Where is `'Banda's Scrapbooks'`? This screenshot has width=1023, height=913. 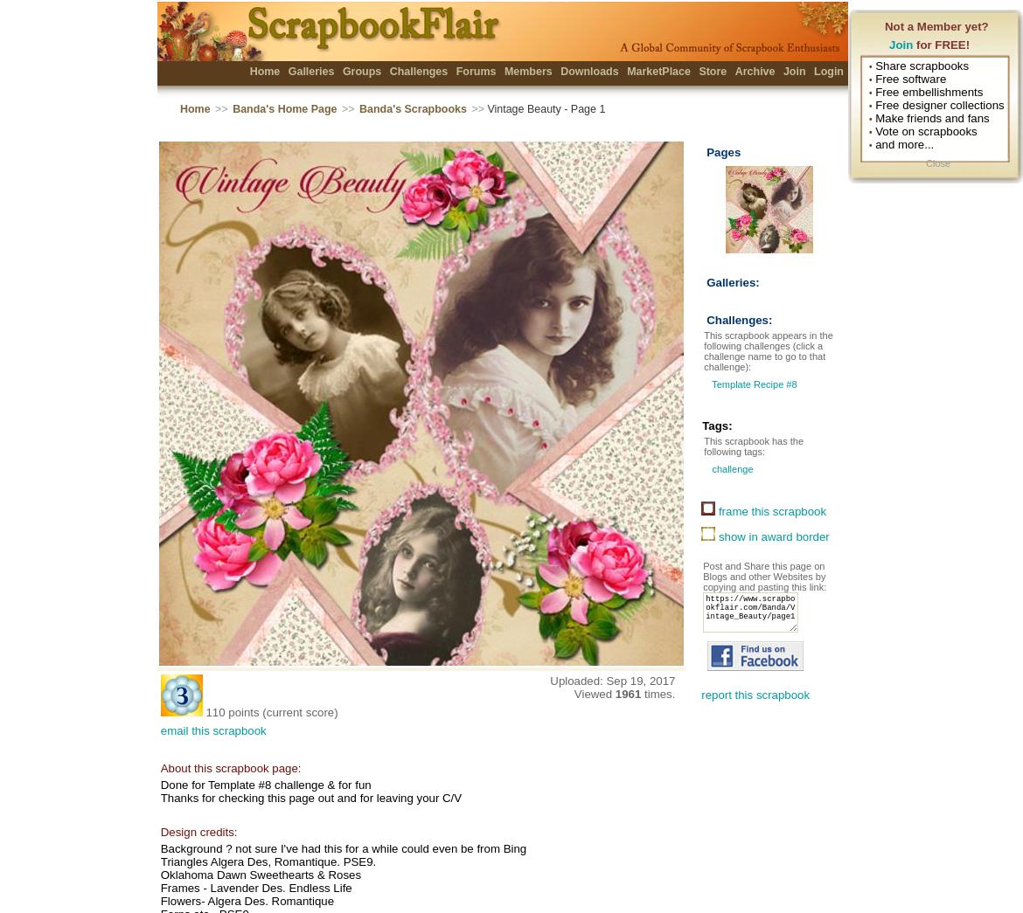
'Banda's Scrapbooks' is located at coordinates (412, 107).